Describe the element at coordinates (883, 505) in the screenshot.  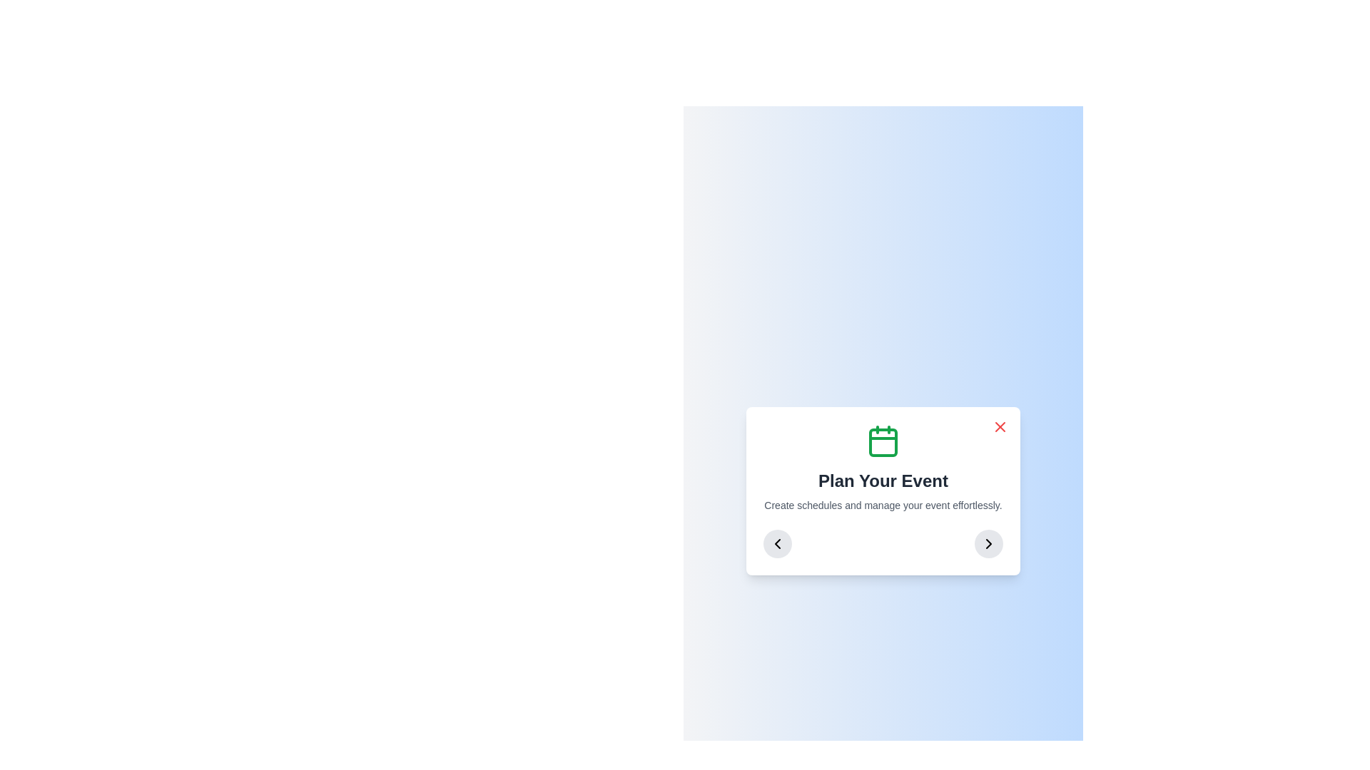
I see `the text block displaying 'Create schedules and manage your event effortlessly.' which is styled in a smaller font size and gray color, positioned beneath the header 'Plan Your Event.'` at that location.